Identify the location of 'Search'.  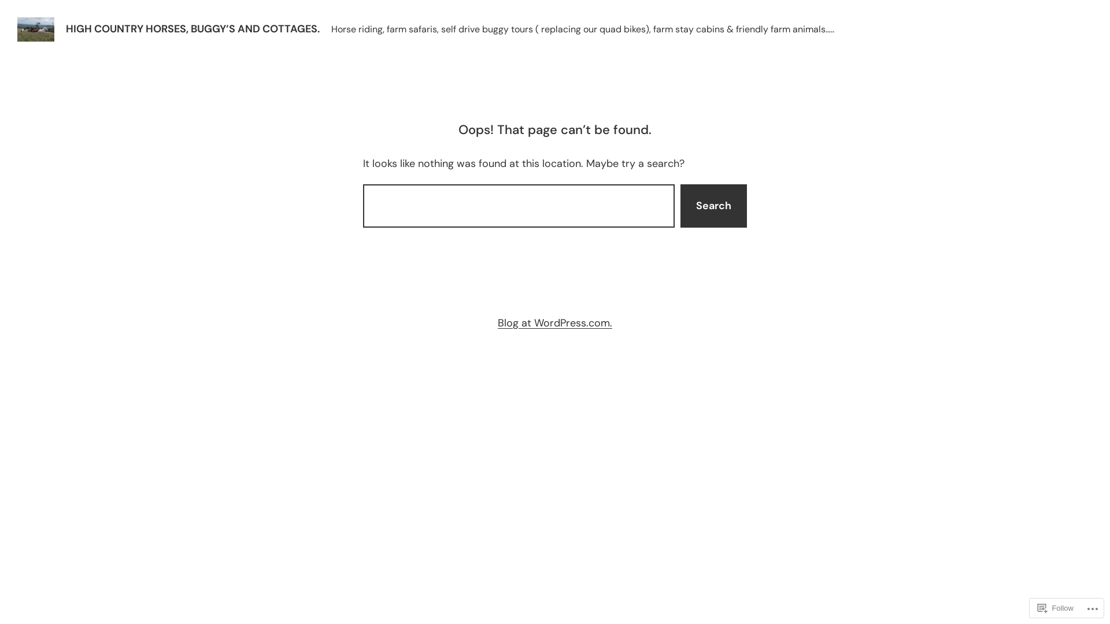
(713, 205).